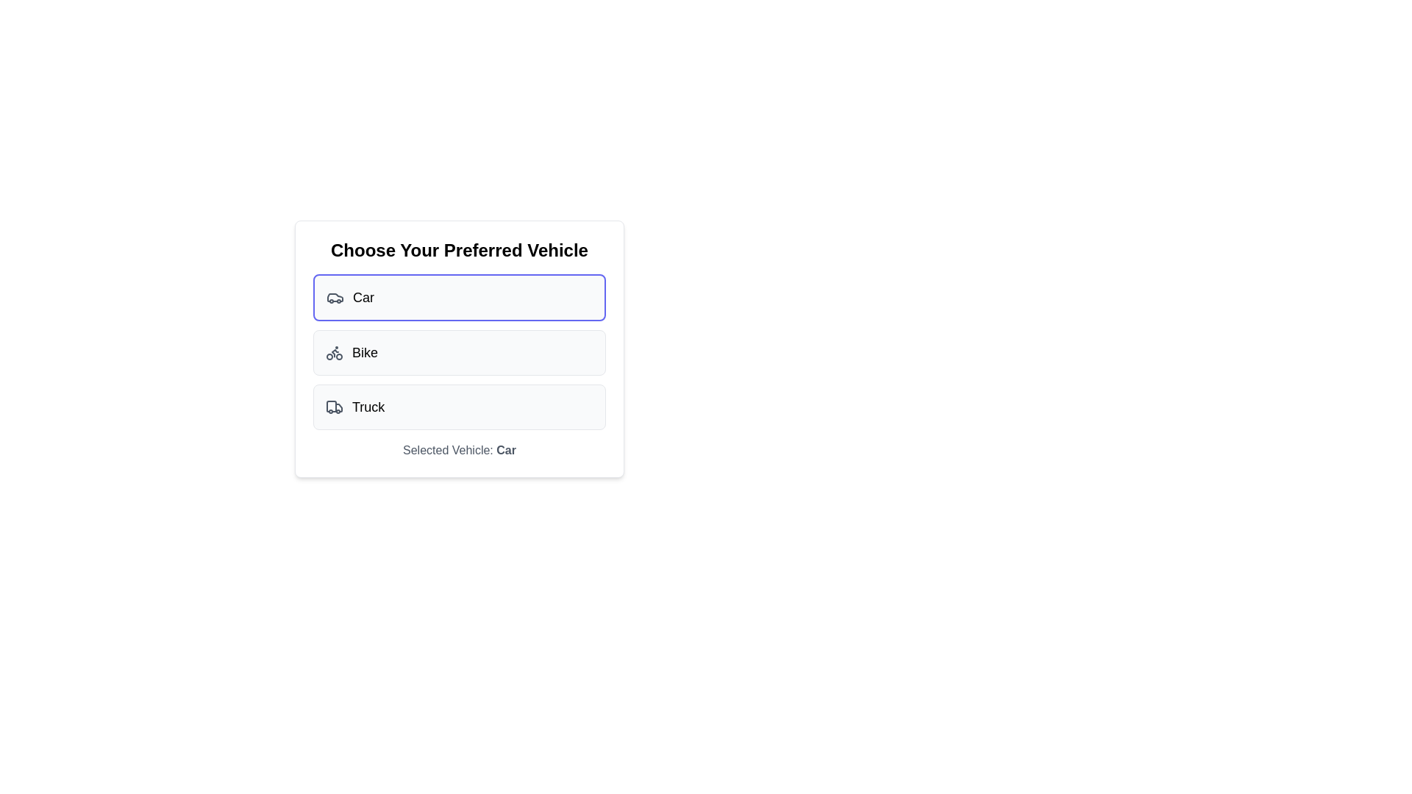  I want to click on the bold text label 'Car' which is the last word of 'Selected Vehicle: Car', located at the bottom center of the interface, so click(506, 449).